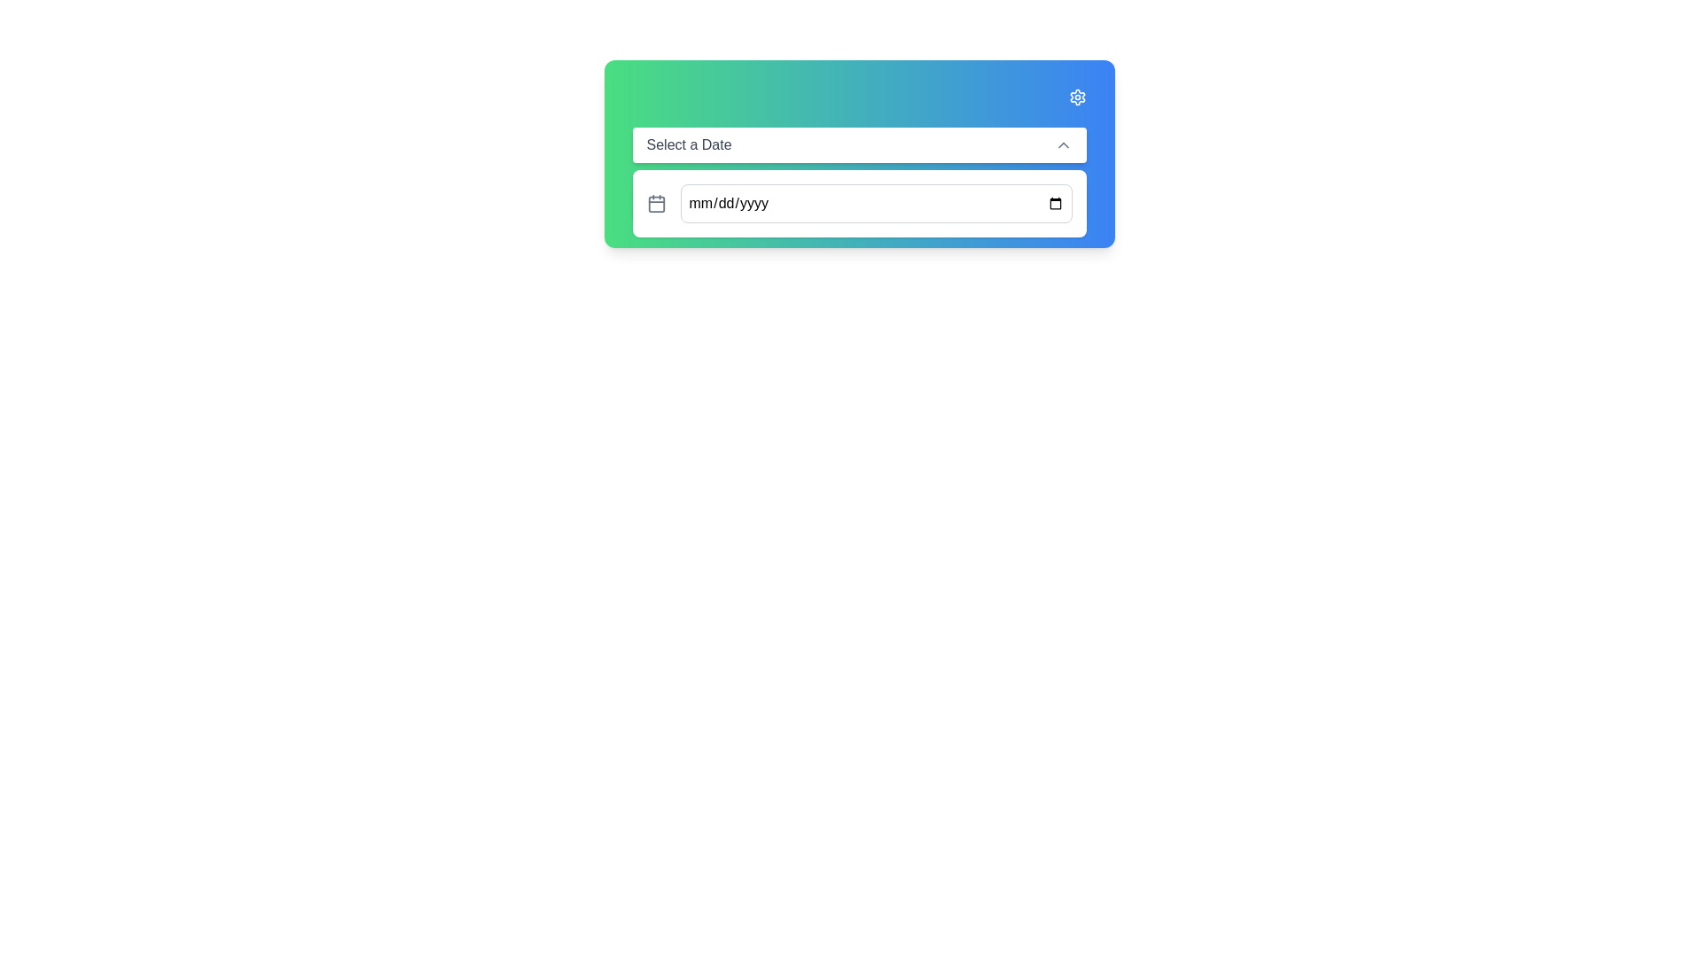 This screenshot has width=1702, height=957. Describe the element at coordinates (859, 203) in the screenshot. I see `the date input field of the Date Picker Input Field that is part of a dropdown content block, positioned below the title of the dropdown` at that location.